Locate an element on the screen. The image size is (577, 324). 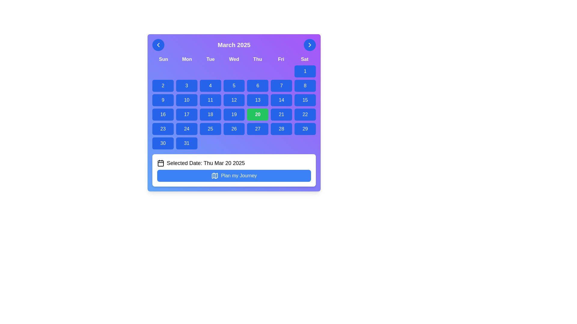
the header label displaying 'March 2025', which is styled in bold white font on a gradient background, located at the top center of the calendar interface is located at coordinates (234, 45).